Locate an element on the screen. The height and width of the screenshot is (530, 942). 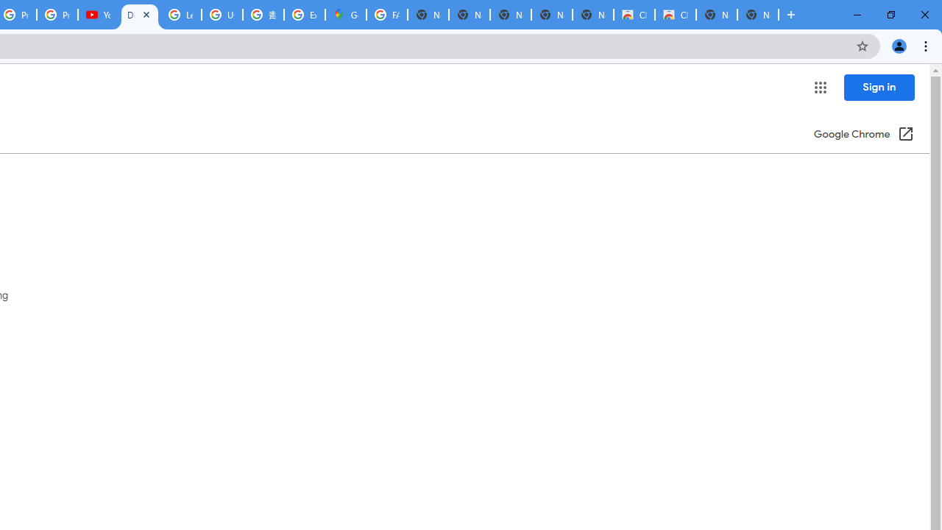
'Privacy Checkup' is located at coordinates (57, 15).